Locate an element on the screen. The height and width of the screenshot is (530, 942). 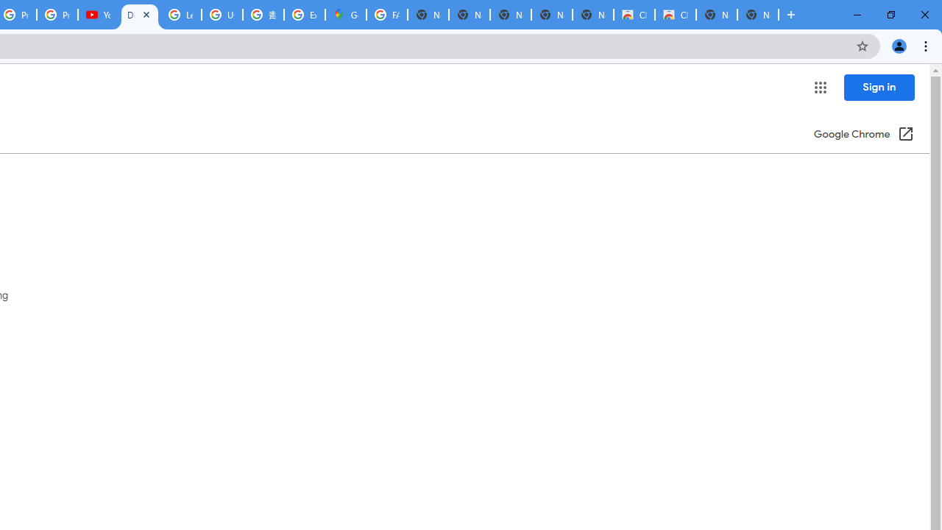
'Privacy Checkup' is located at coordinates (57, 15).